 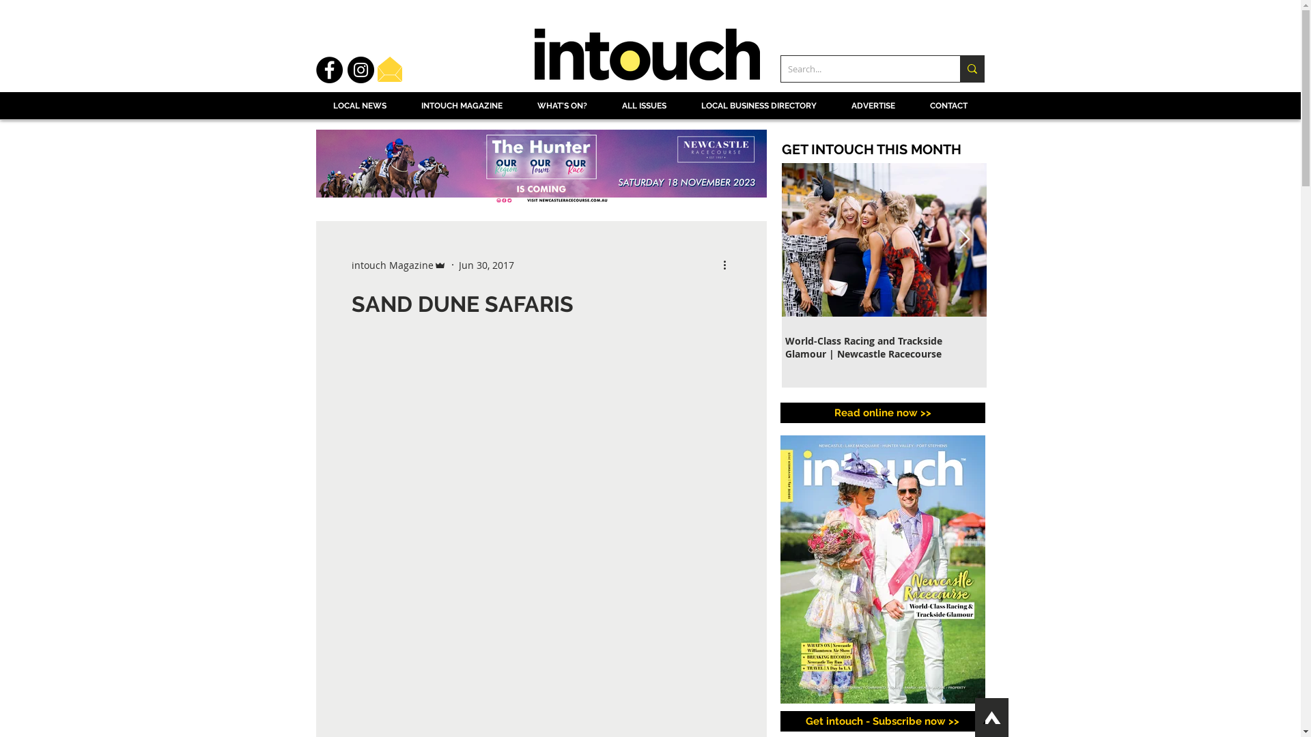 I want to click on 'LOCAL NEWS', so click(x=358, y=109).